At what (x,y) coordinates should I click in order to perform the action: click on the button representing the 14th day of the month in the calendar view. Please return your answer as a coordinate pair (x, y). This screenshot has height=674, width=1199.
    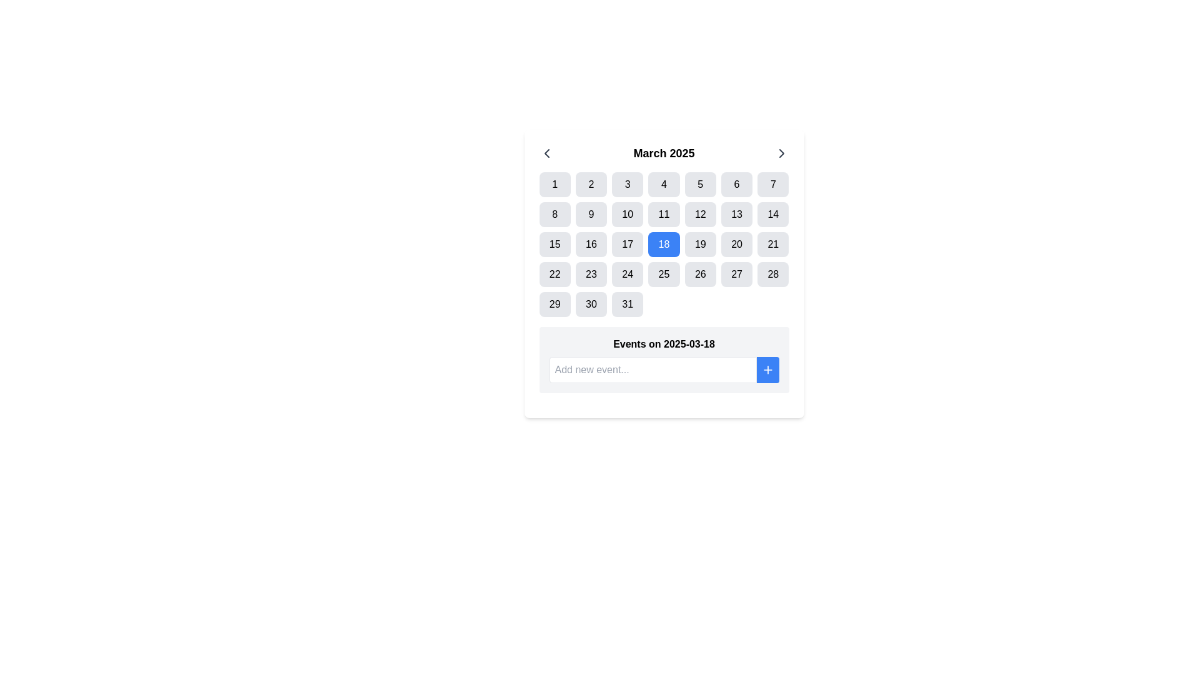
    Looking at the image, I should click on (772, 213).